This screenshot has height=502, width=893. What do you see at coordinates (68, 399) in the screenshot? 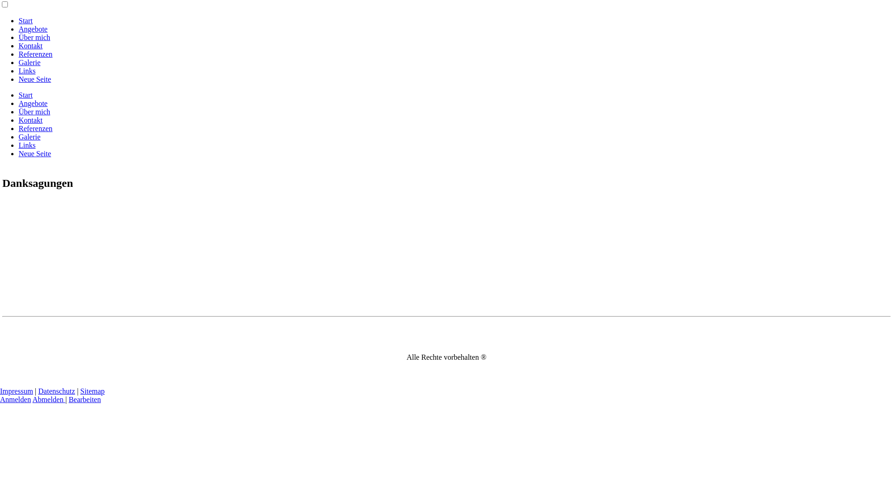
I see `'Bearbeiten'` at bounding box center [68, 399].